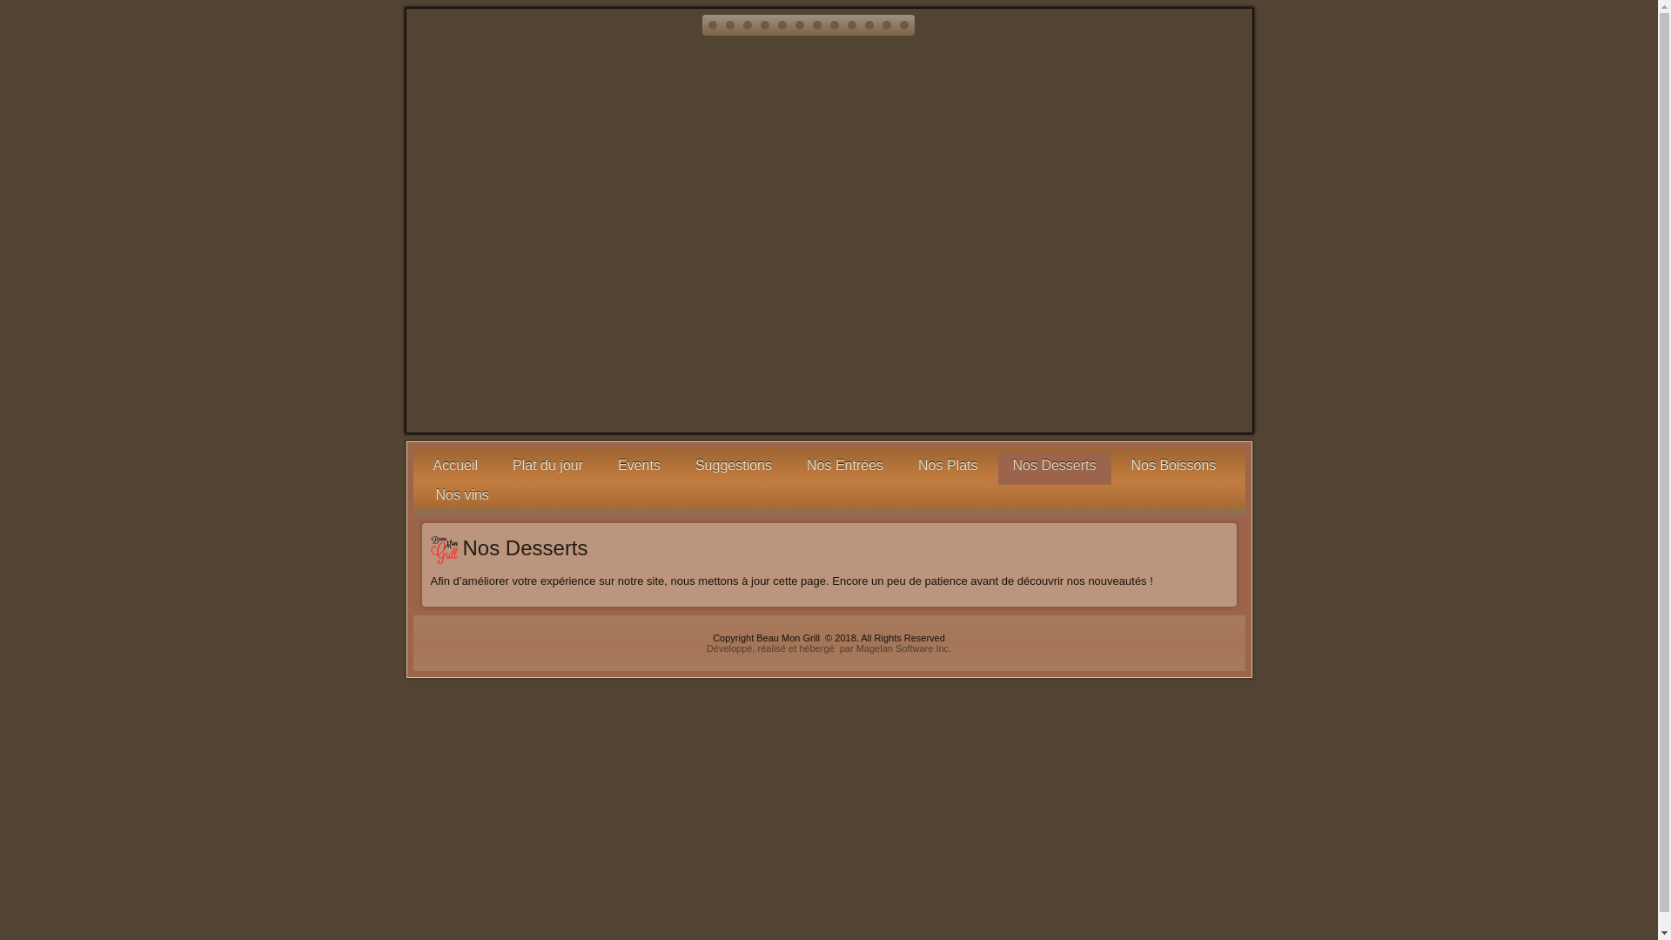  Describe the element at coordinates (496, 465) in the screenshot. I see `'Plat du jour'` at that location.